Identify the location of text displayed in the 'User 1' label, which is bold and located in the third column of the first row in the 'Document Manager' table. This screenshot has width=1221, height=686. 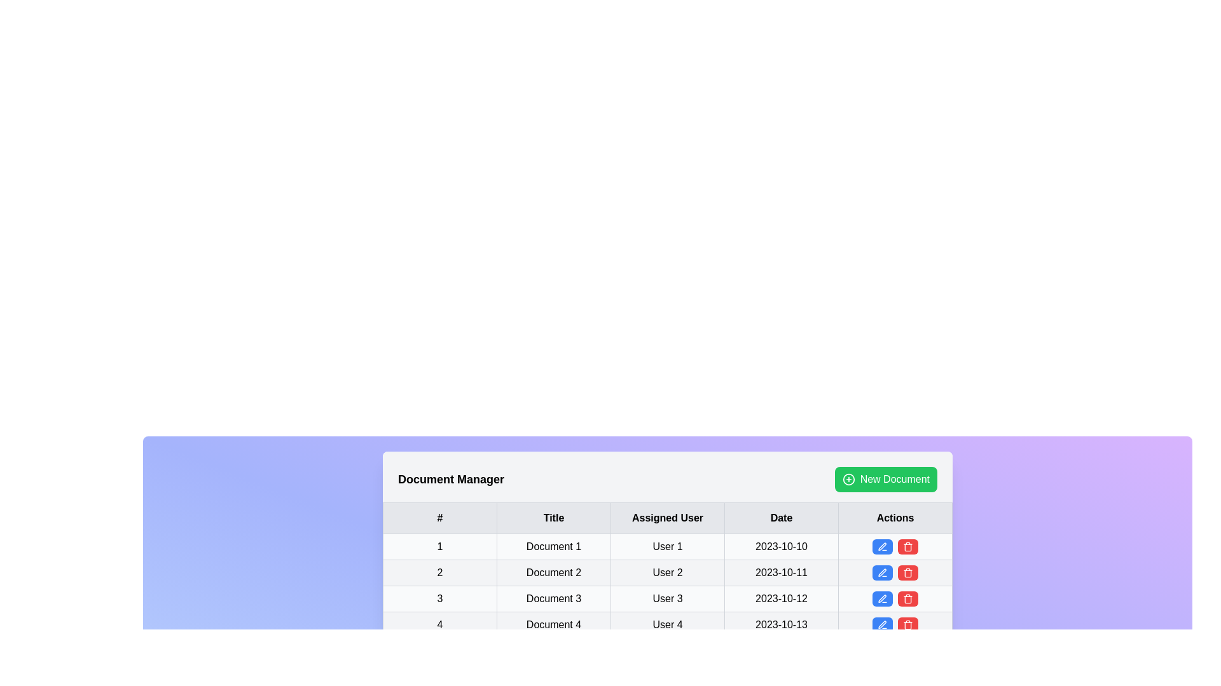
(667, 546).